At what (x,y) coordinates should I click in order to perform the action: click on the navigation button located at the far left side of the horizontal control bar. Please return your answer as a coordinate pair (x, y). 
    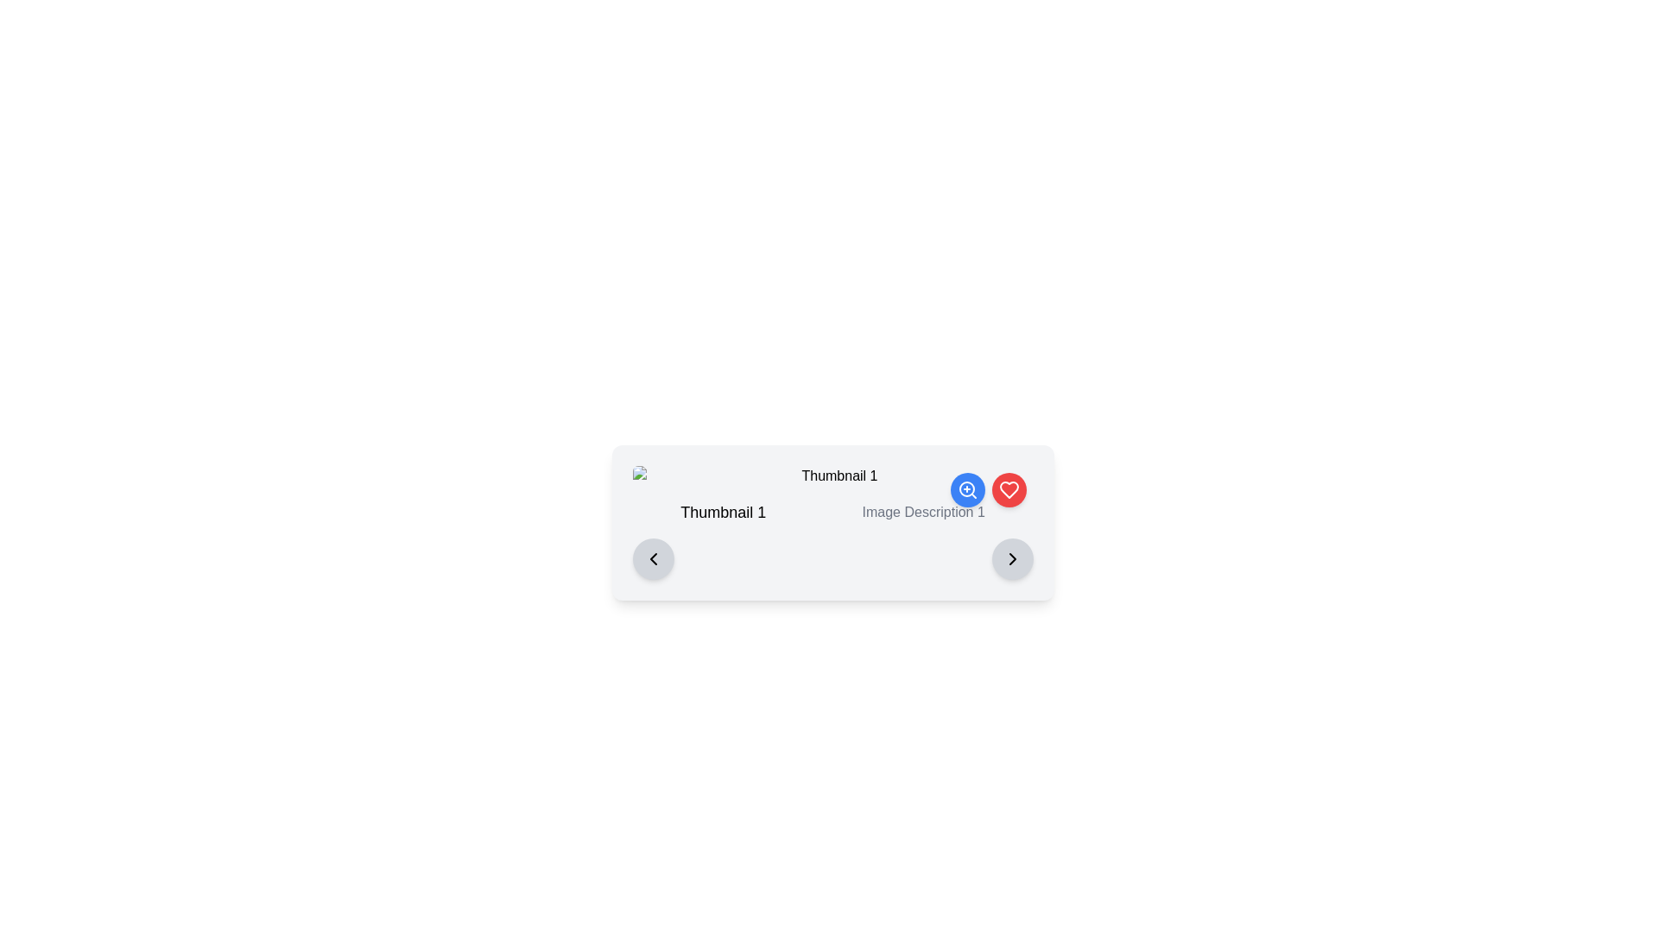
    Looking at the image, I should click on (652, 559).